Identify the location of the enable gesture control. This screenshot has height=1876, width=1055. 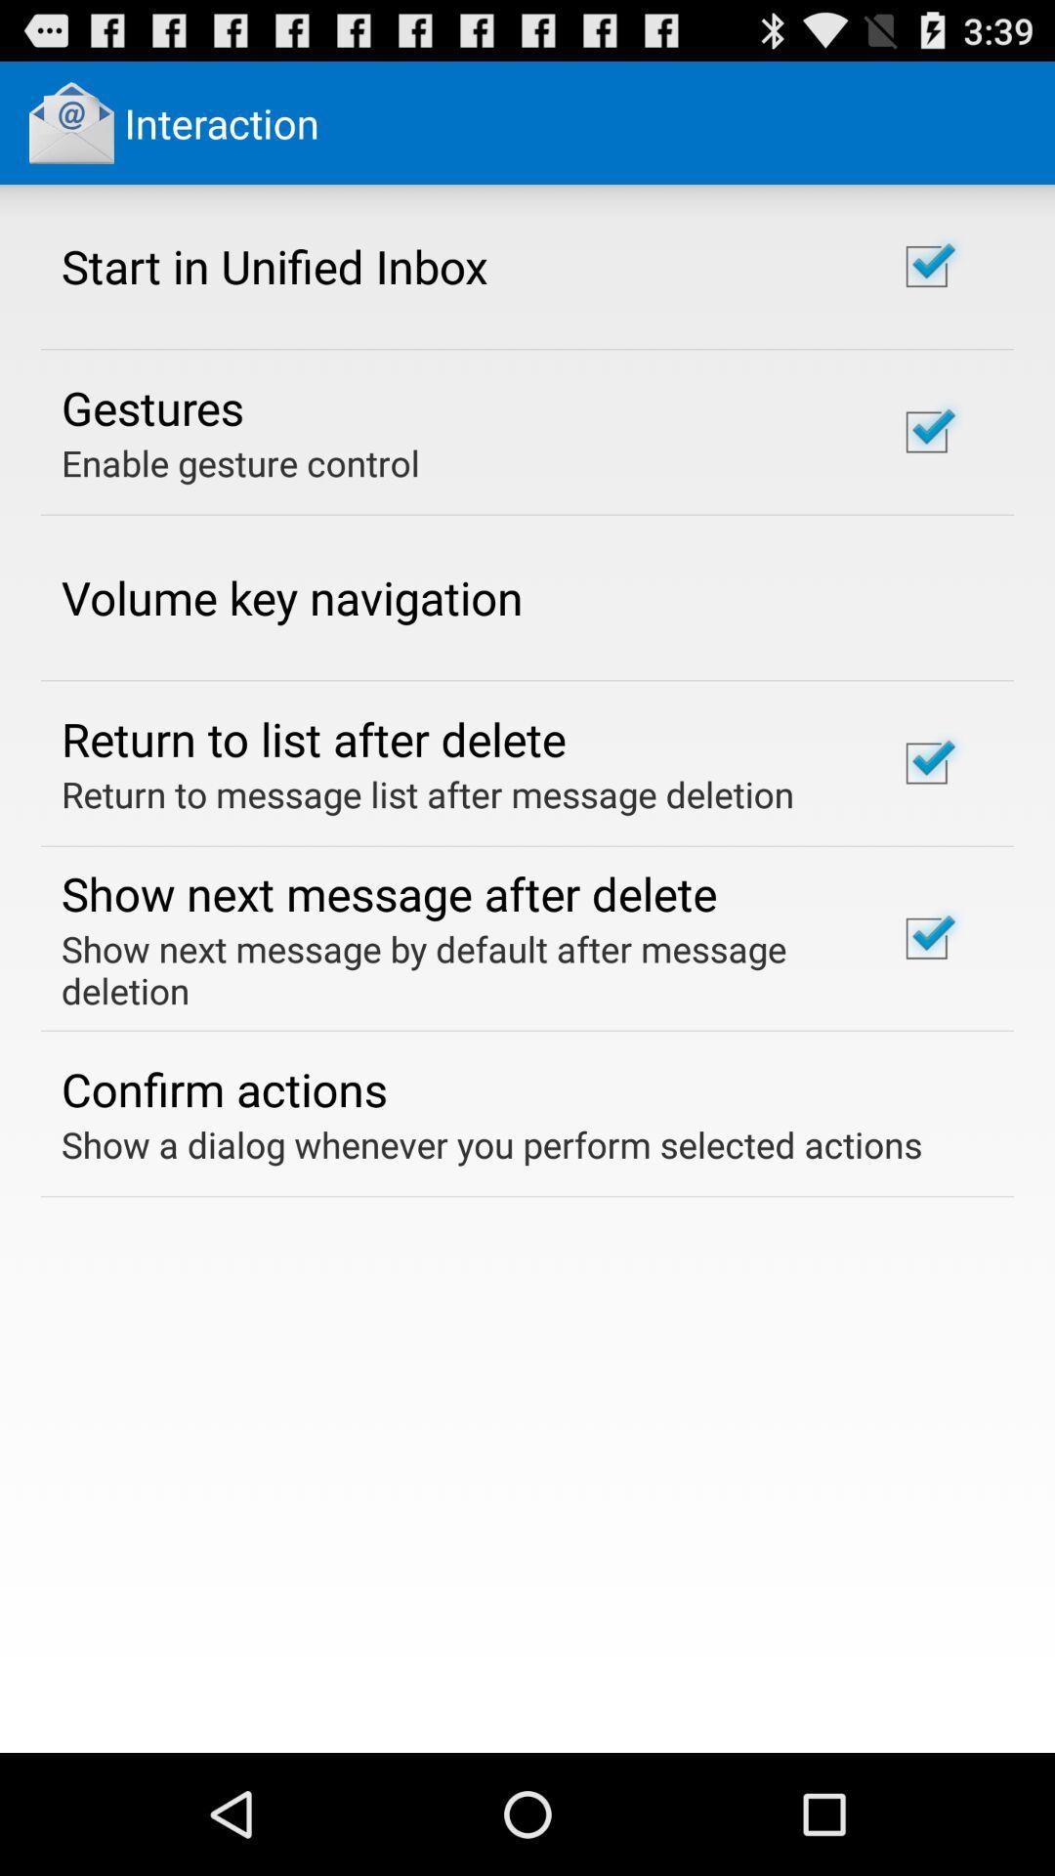
(239, 462).